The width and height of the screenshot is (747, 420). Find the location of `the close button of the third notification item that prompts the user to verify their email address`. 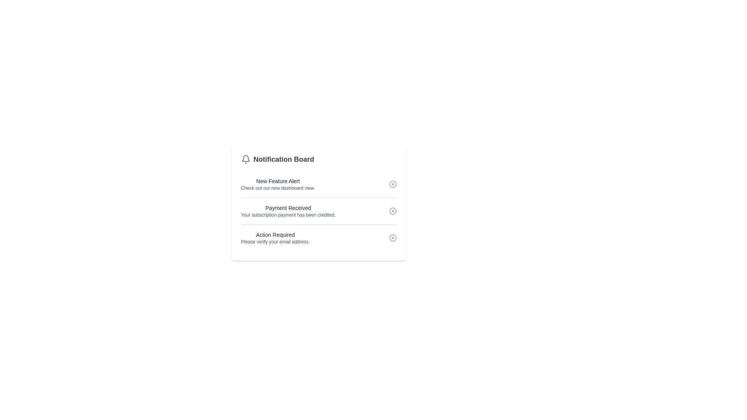

the close button of the third notification item that prompts the user to verify their email address is located at coordinates (319, 237).